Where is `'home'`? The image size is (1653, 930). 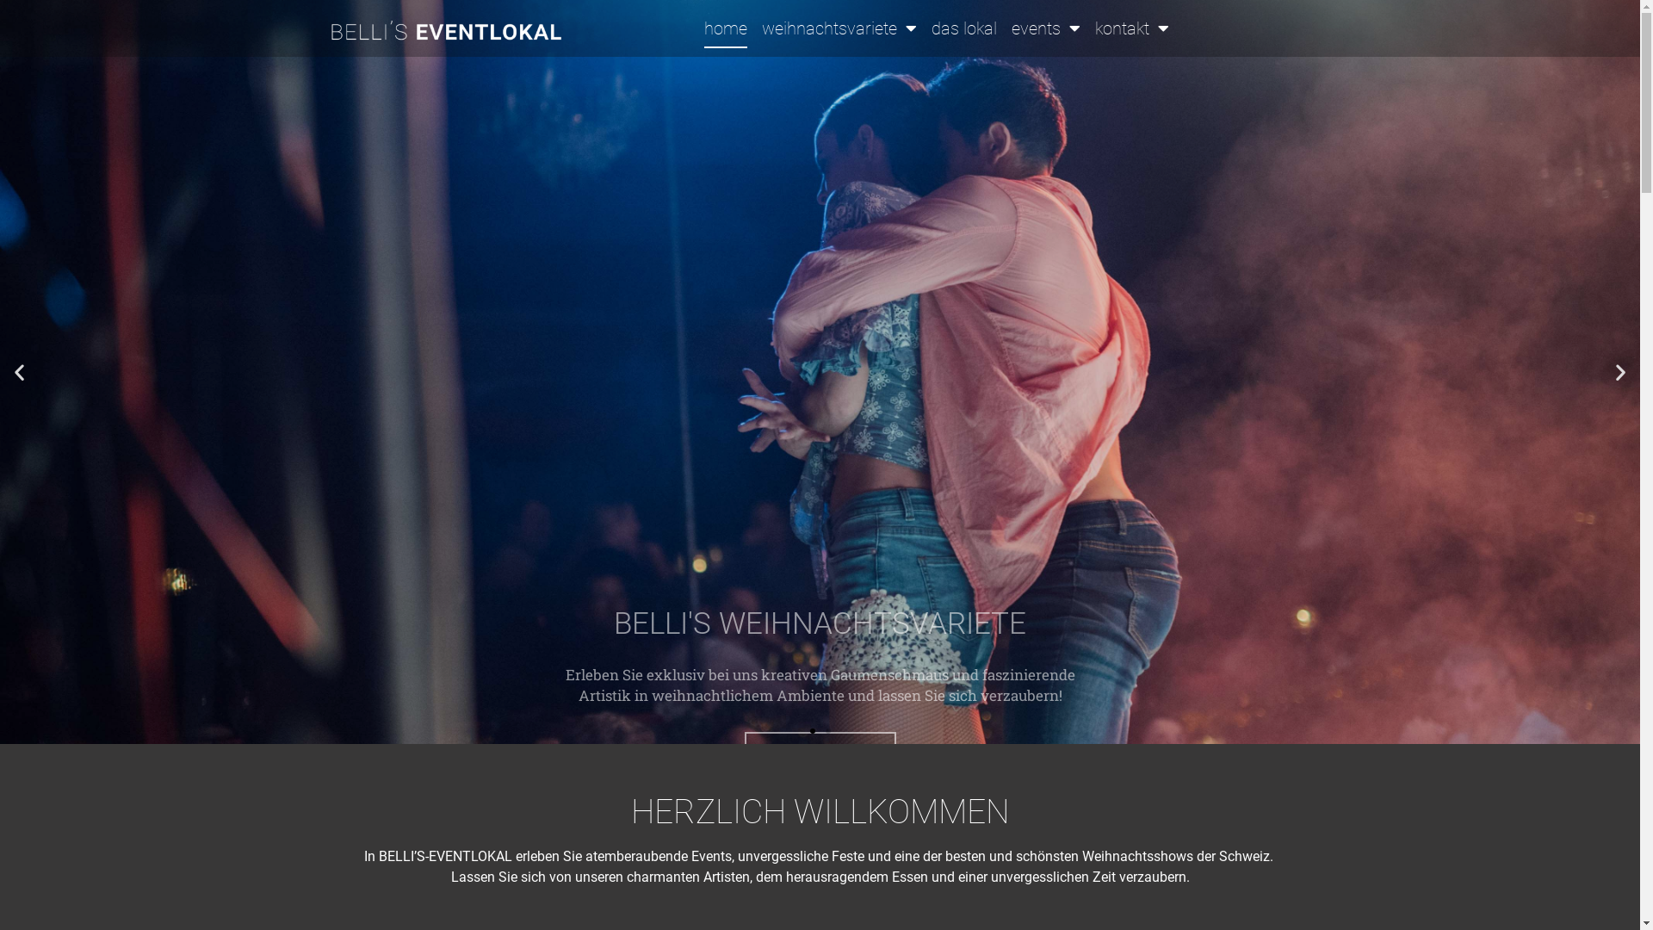 'home' is located at coordinates (726, 28).